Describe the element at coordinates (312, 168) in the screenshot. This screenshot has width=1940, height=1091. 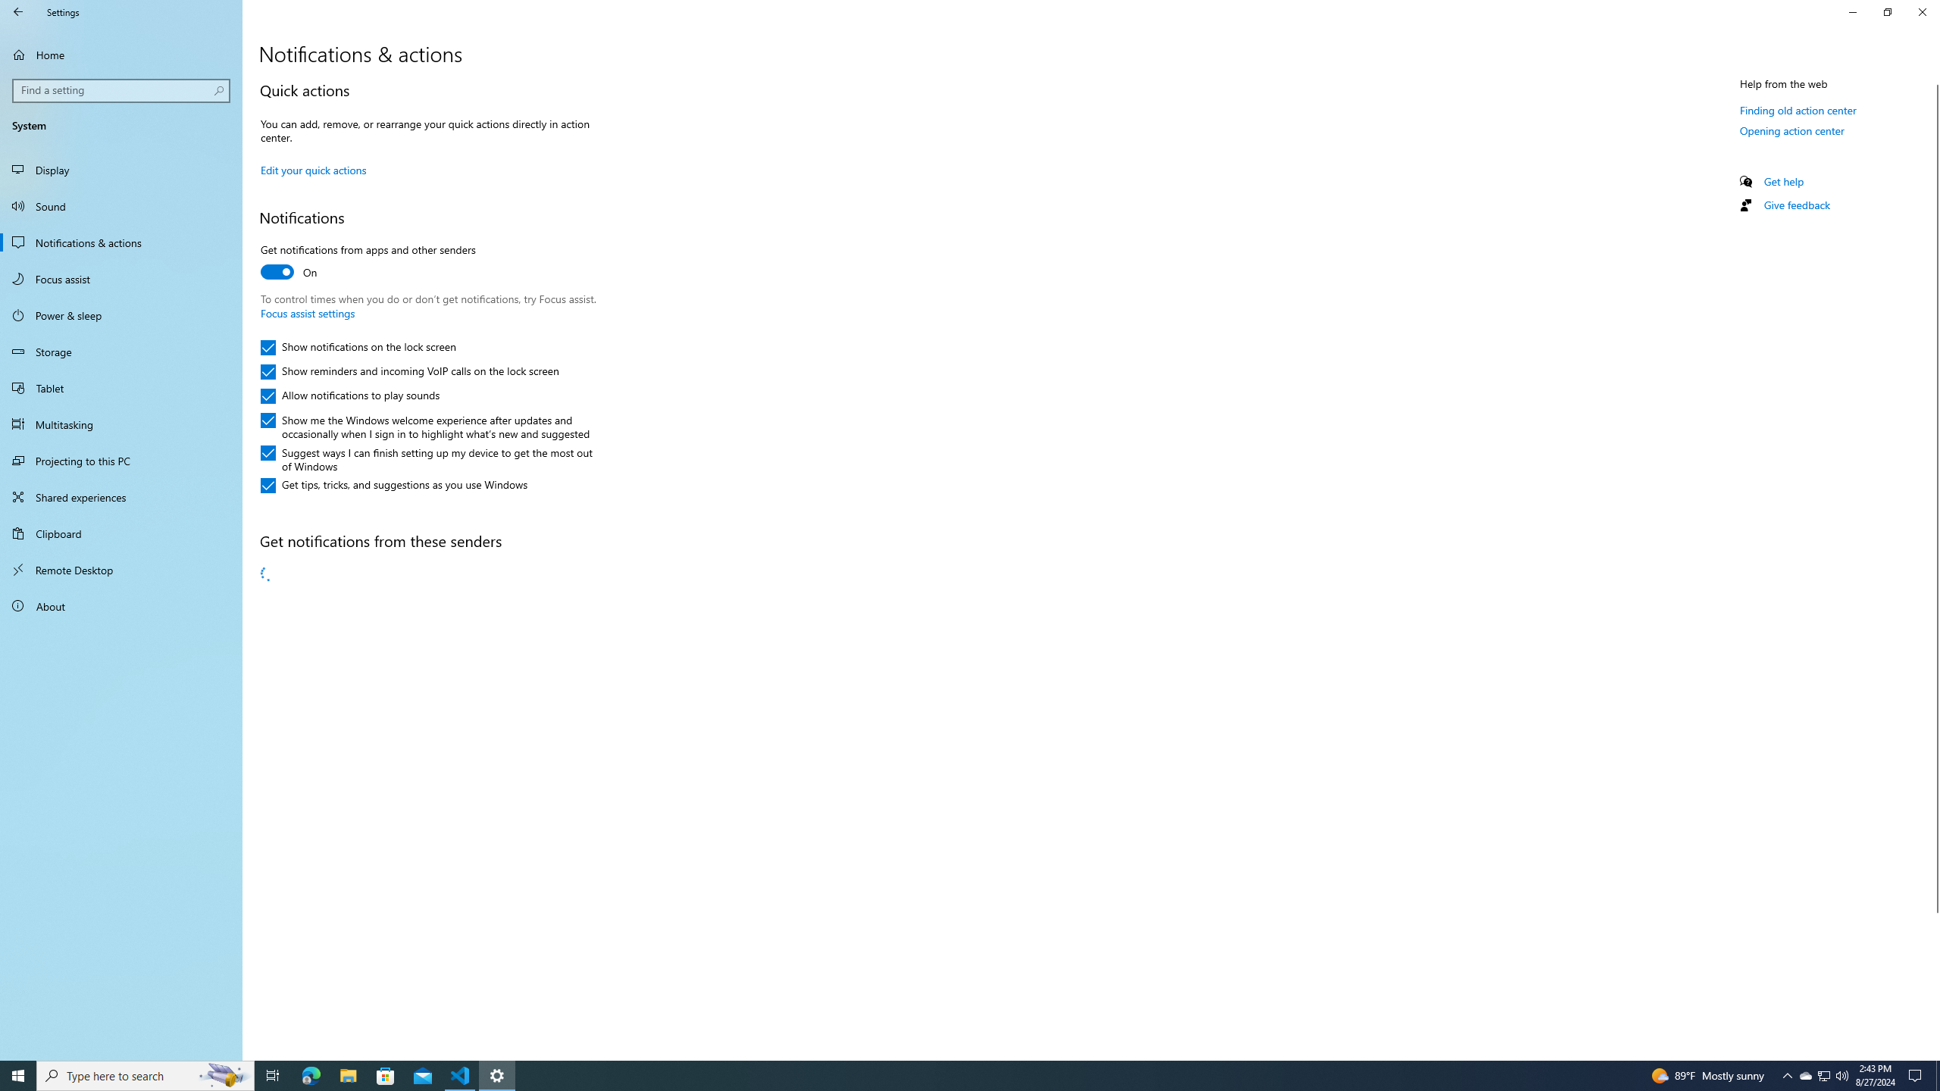
I see `'Edit your quick actions'` at that location.